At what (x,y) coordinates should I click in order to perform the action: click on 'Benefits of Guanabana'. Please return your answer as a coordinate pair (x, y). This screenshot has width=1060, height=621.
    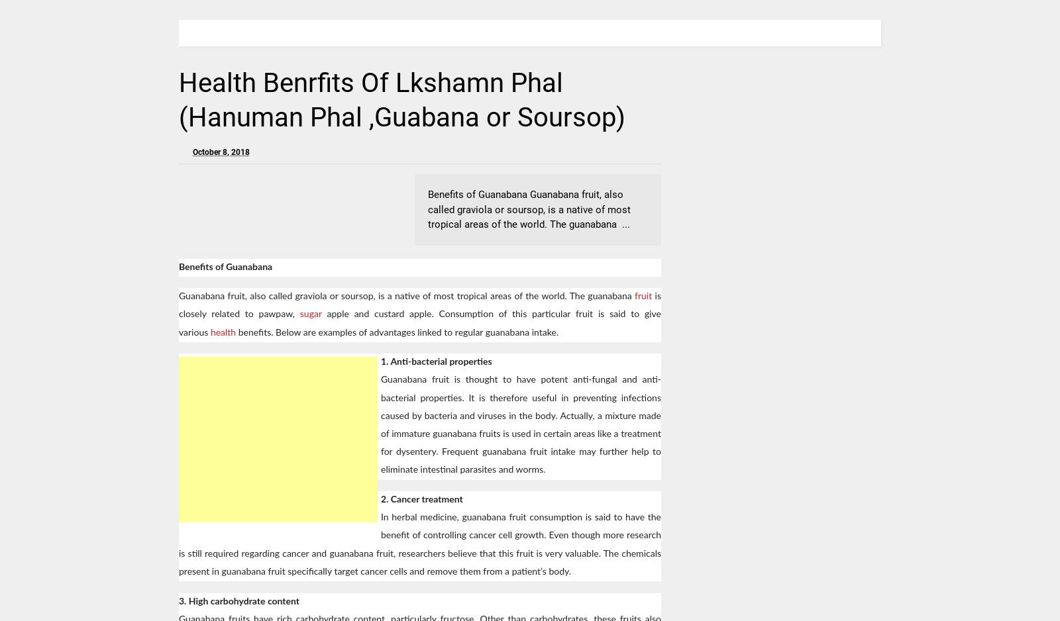
    Looking at the image, I should click on (179, 266).